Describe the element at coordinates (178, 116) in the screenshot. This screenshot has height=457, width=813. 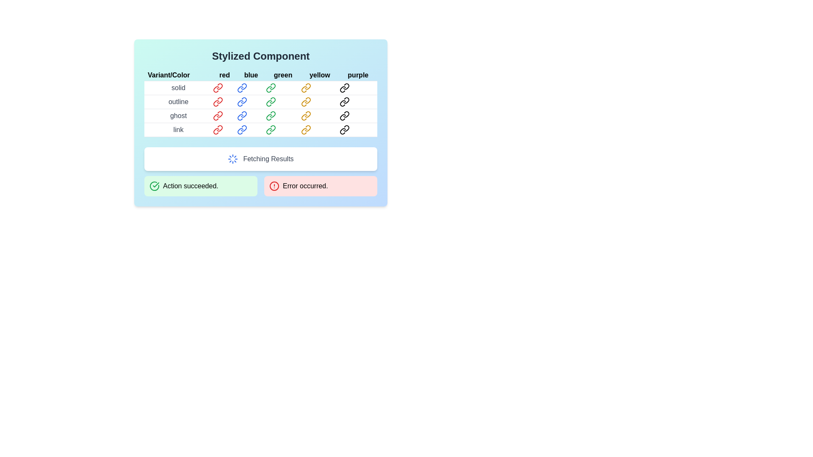
I see `the label indicating the 'ghost' variant in the table under the 'Variant/Color' column header, which is the first cell in the third row of the card labeled 'Stylized Component.'` at that location.